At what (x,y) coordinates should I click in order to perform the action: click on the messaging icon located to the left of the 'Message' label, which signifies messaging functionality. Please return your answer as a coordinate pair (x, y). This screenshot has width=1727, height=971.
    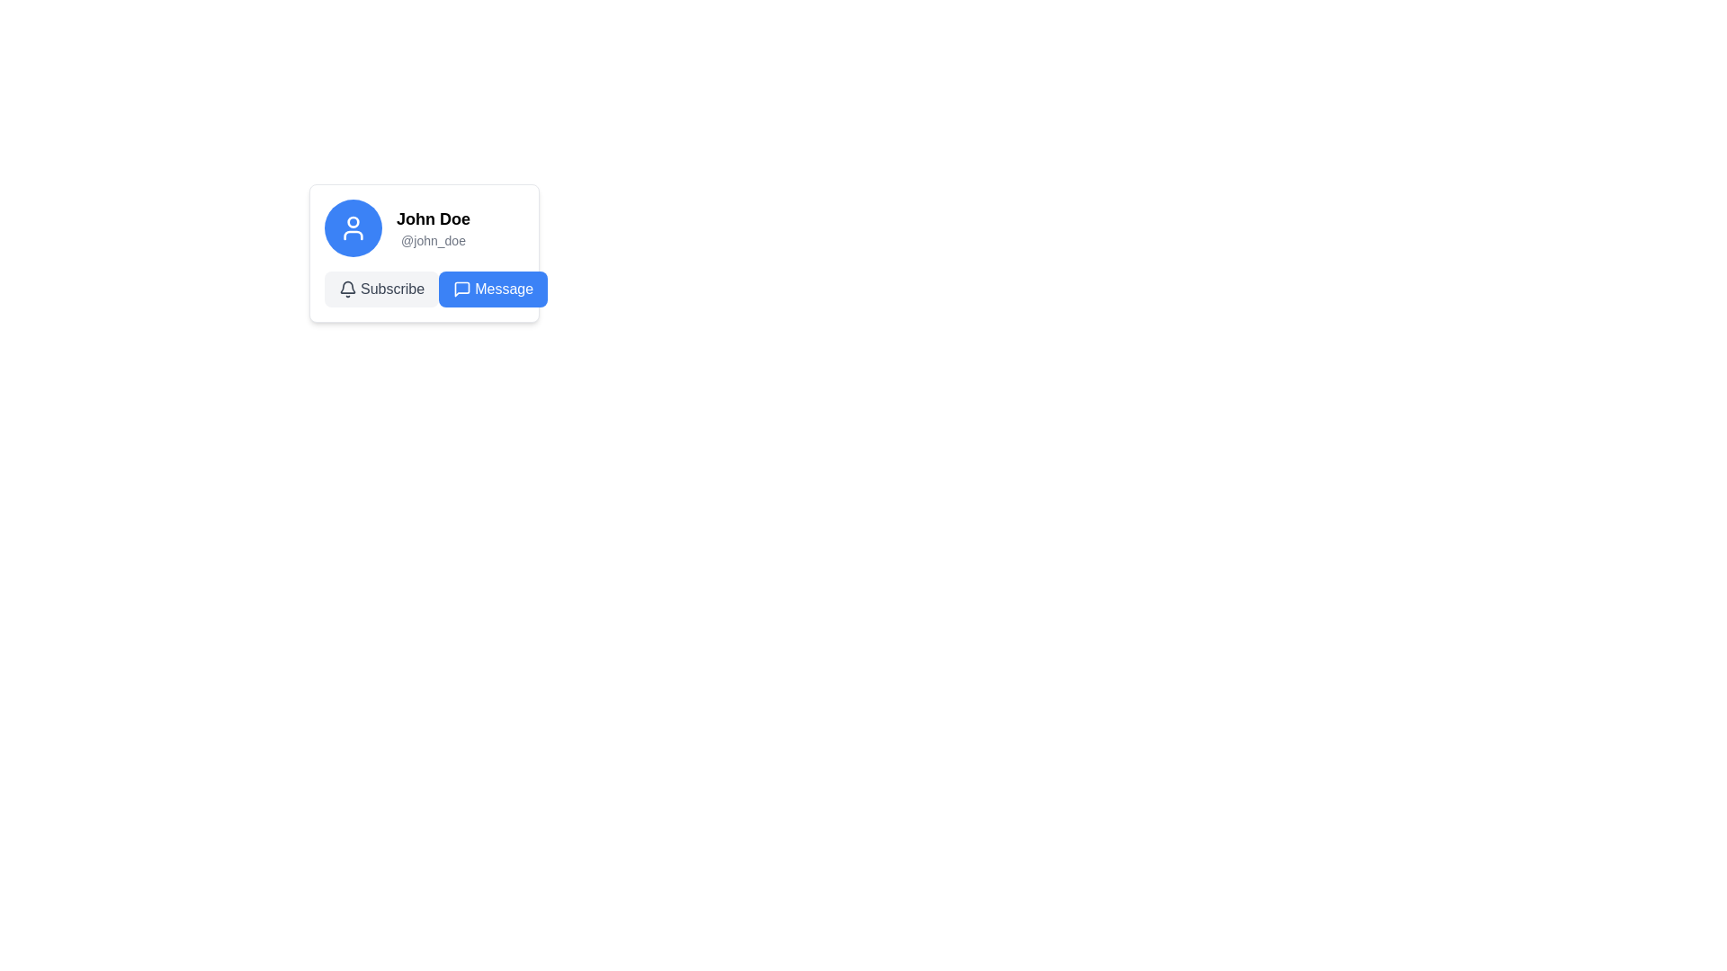
    Looking at the image, I should click on (462, 288).